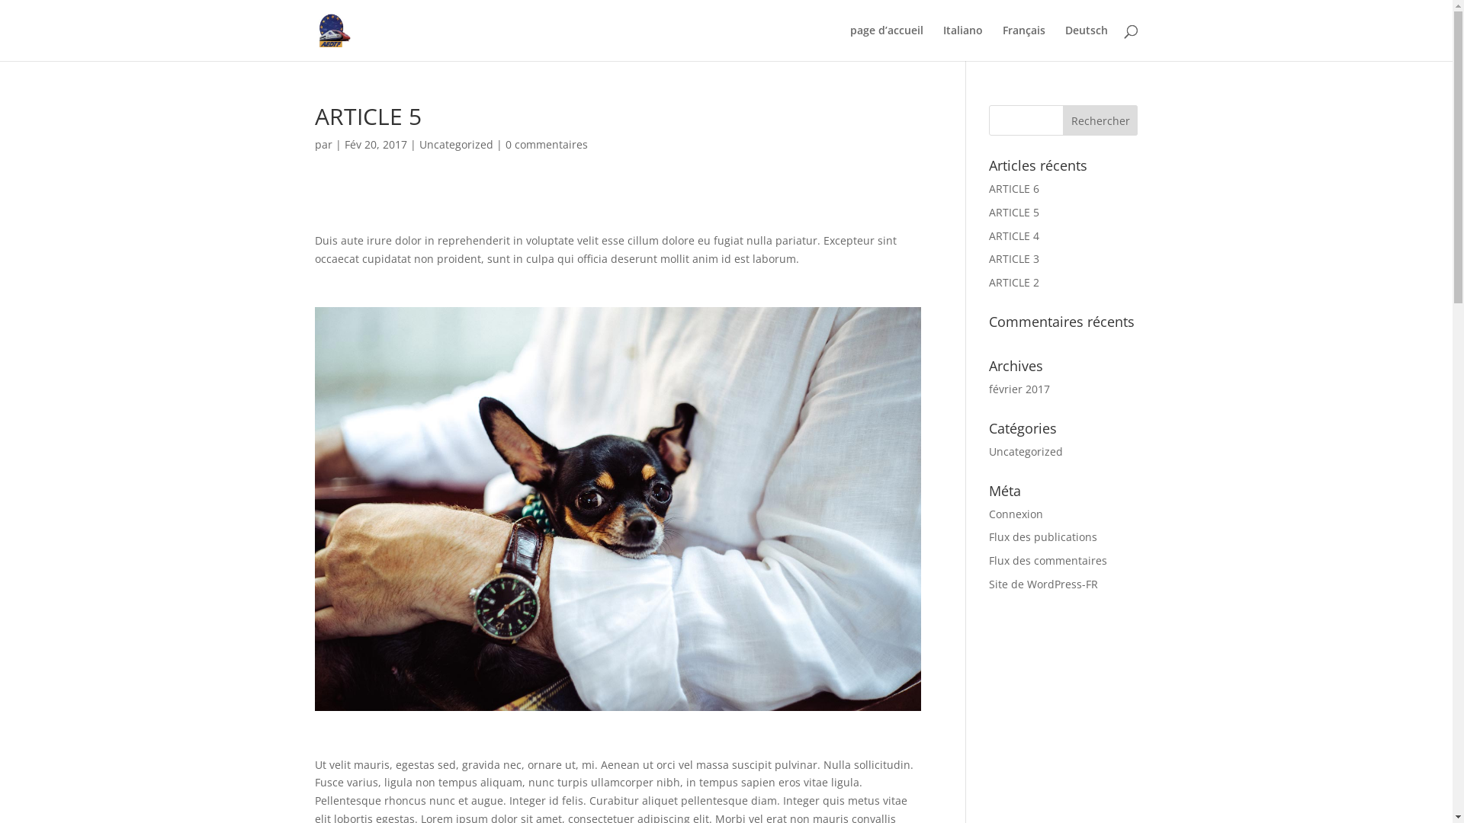 This screenshot has height=823, width=1464. What do you see at coordinates (455, 144) in the screenshot?
I see `'Uncategorized'` at bounding box center [455, 144].